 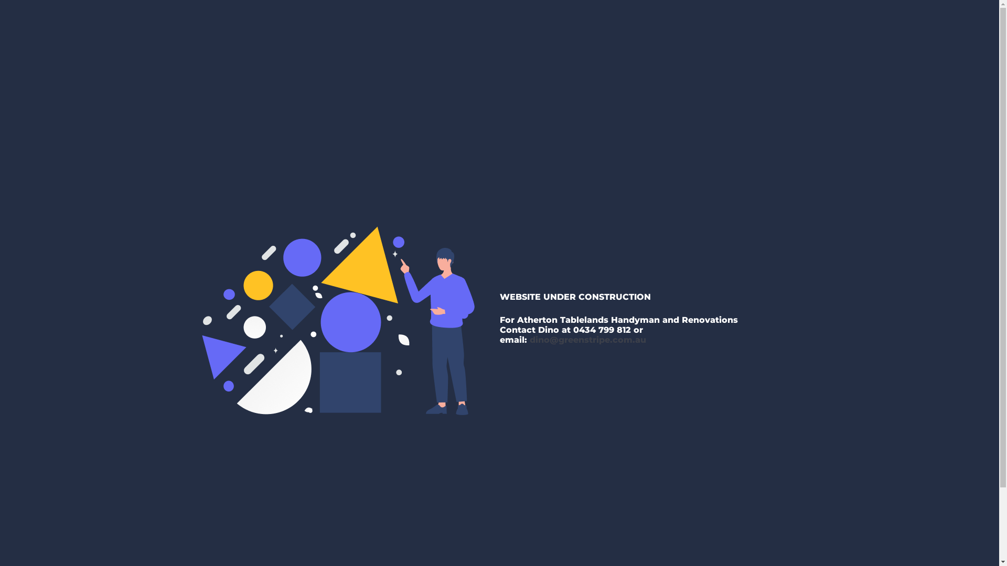 I want to click on 'dino@greenstripe.com.au', so click(x=529, y=340).